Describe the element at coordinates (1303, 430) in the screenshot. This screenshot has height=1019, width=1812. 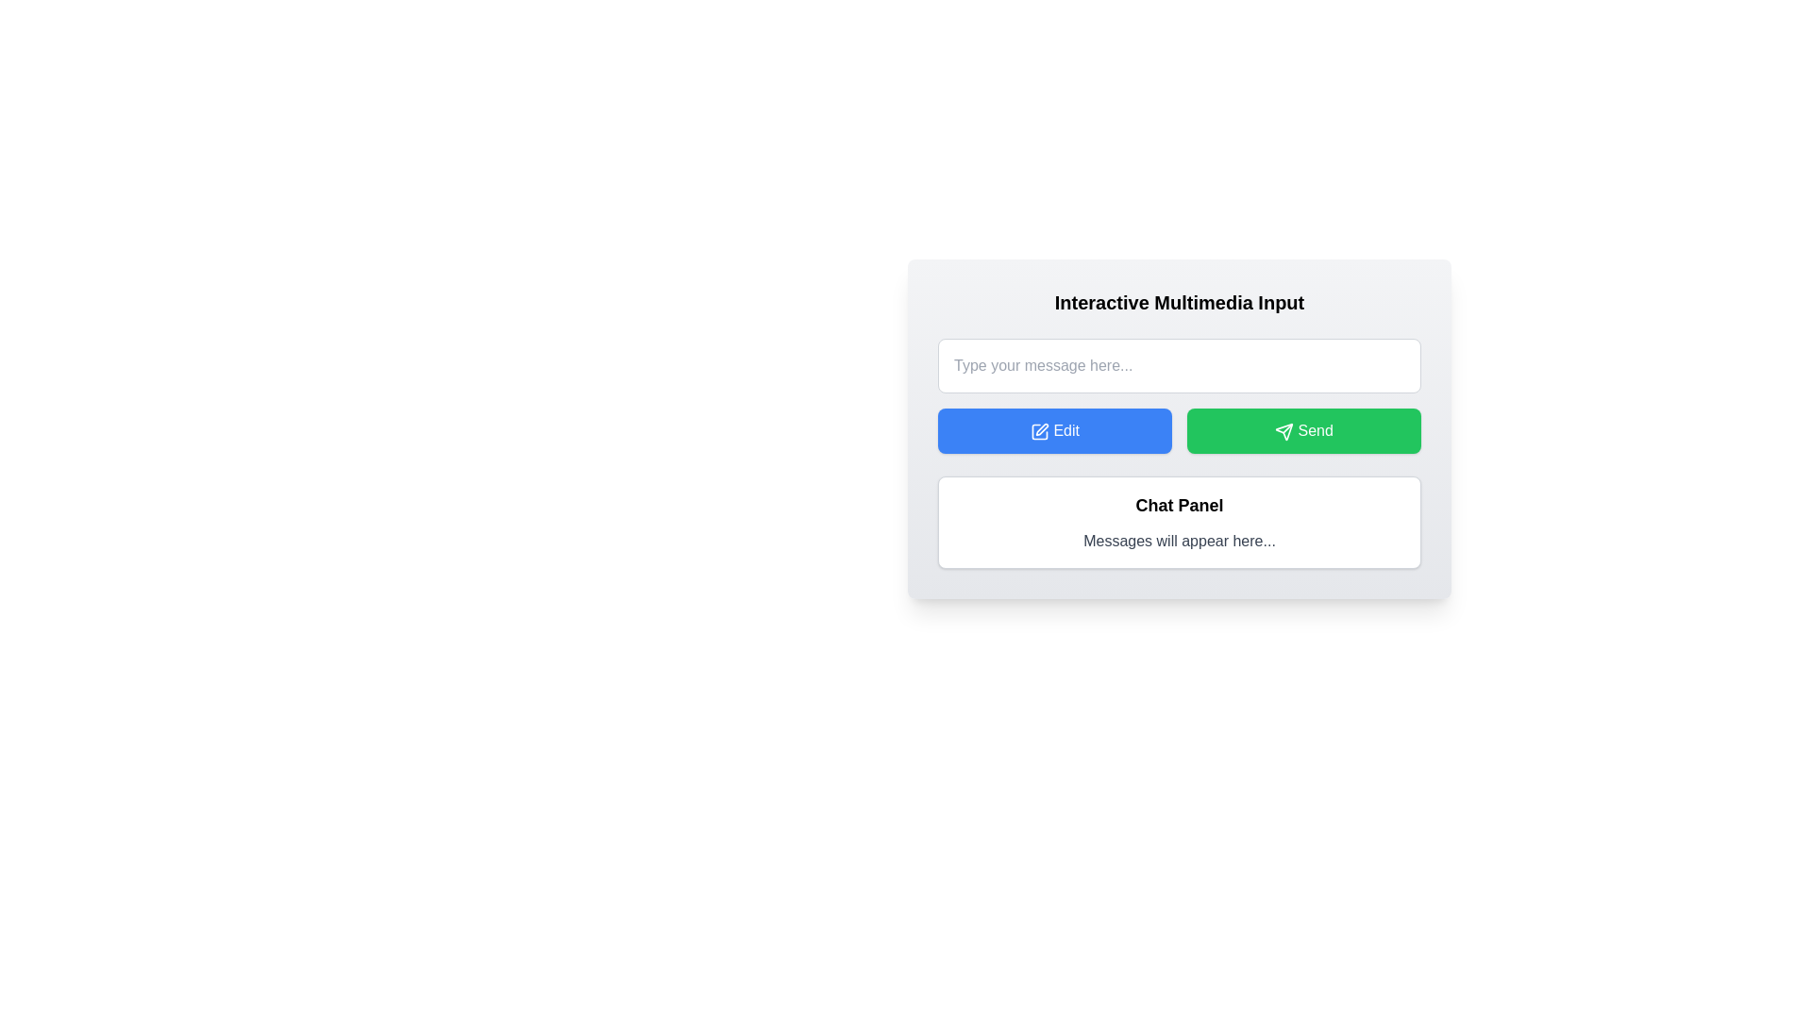
I see `the submission button located to the right of the 'Edit' button, which changes its background to a darker green` at that location.